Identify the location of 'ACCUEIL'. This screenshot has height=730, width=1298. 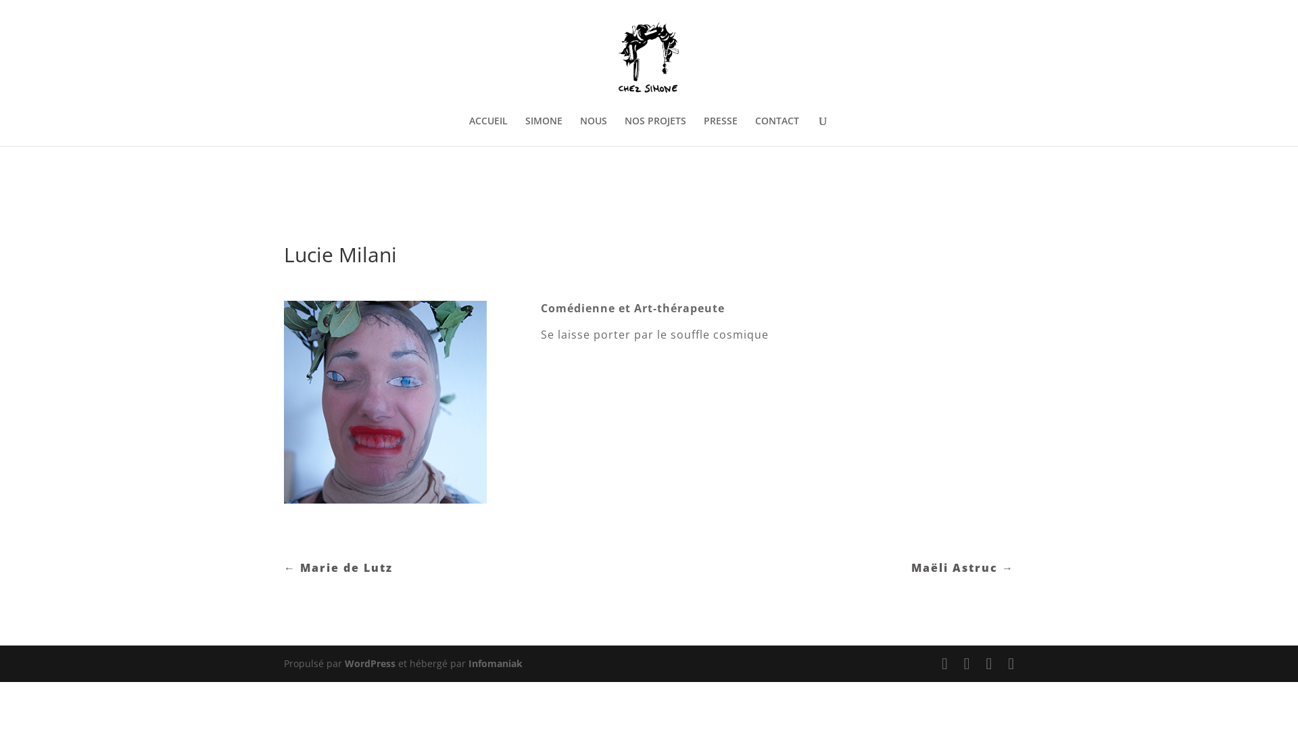
(469, 130).